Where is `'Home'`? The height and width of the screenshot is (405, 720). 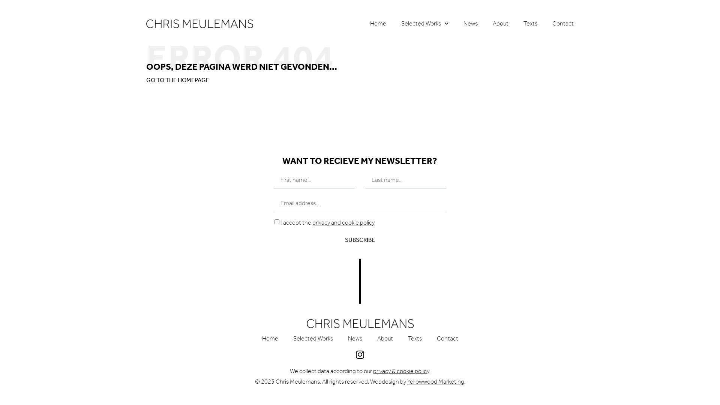 'Home' is located at coordinates (378, 23).